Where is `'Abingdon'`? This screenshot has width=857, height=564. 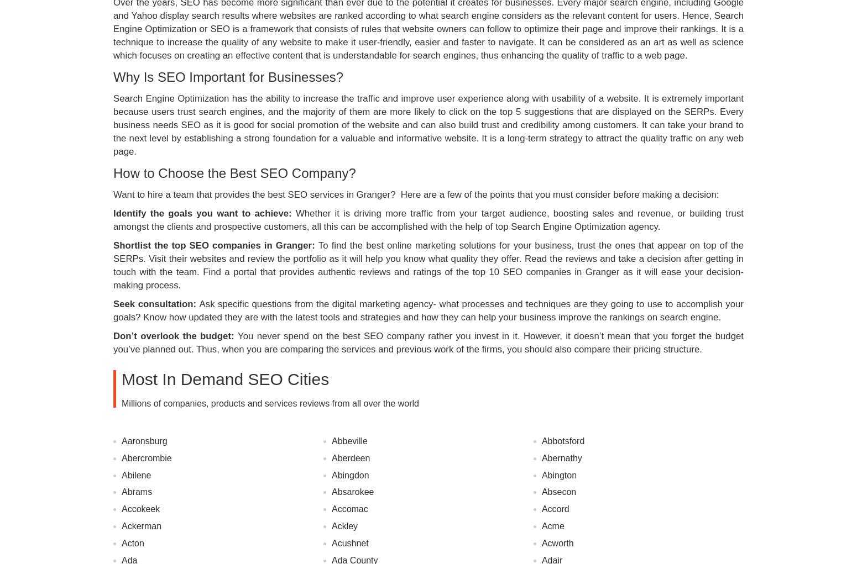
'Abingdon' is located at coordinates (349, 475).